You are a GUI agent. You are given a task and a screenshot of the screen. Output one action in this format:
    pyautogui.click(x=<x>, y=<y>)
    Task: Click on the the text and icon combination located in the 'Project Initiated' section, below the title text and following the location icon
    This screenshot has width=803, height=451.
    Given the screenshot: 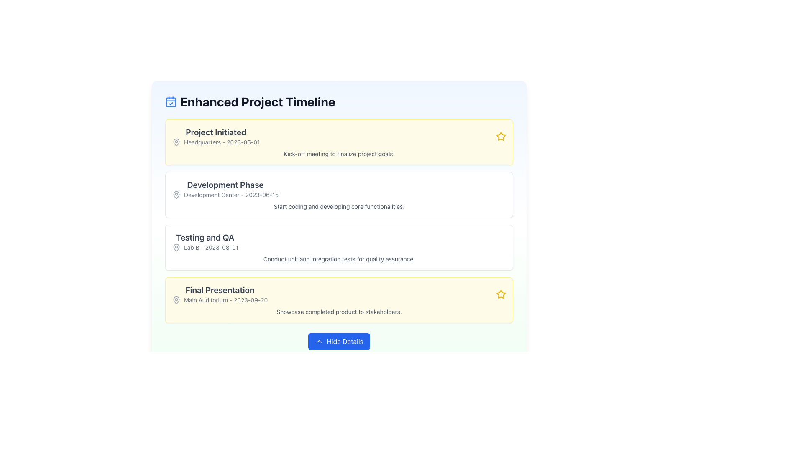 What is the action you would take?
    pyautogui.click(x=216, y=142)
    